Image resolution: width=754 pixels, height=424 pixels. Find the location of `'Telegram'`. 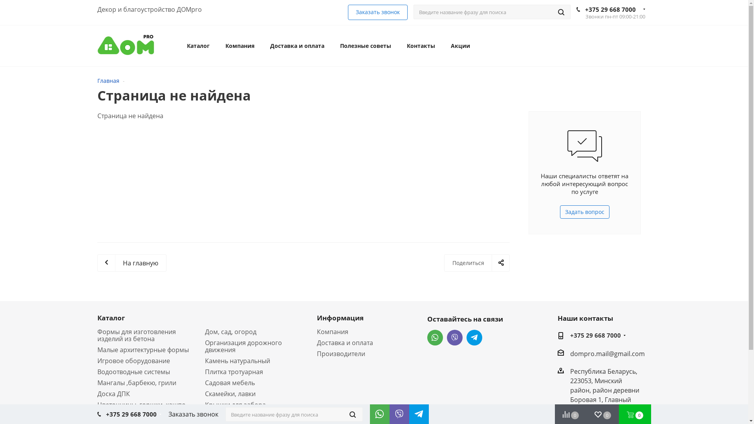

'Telegram' is located at coordinates (474, 337).